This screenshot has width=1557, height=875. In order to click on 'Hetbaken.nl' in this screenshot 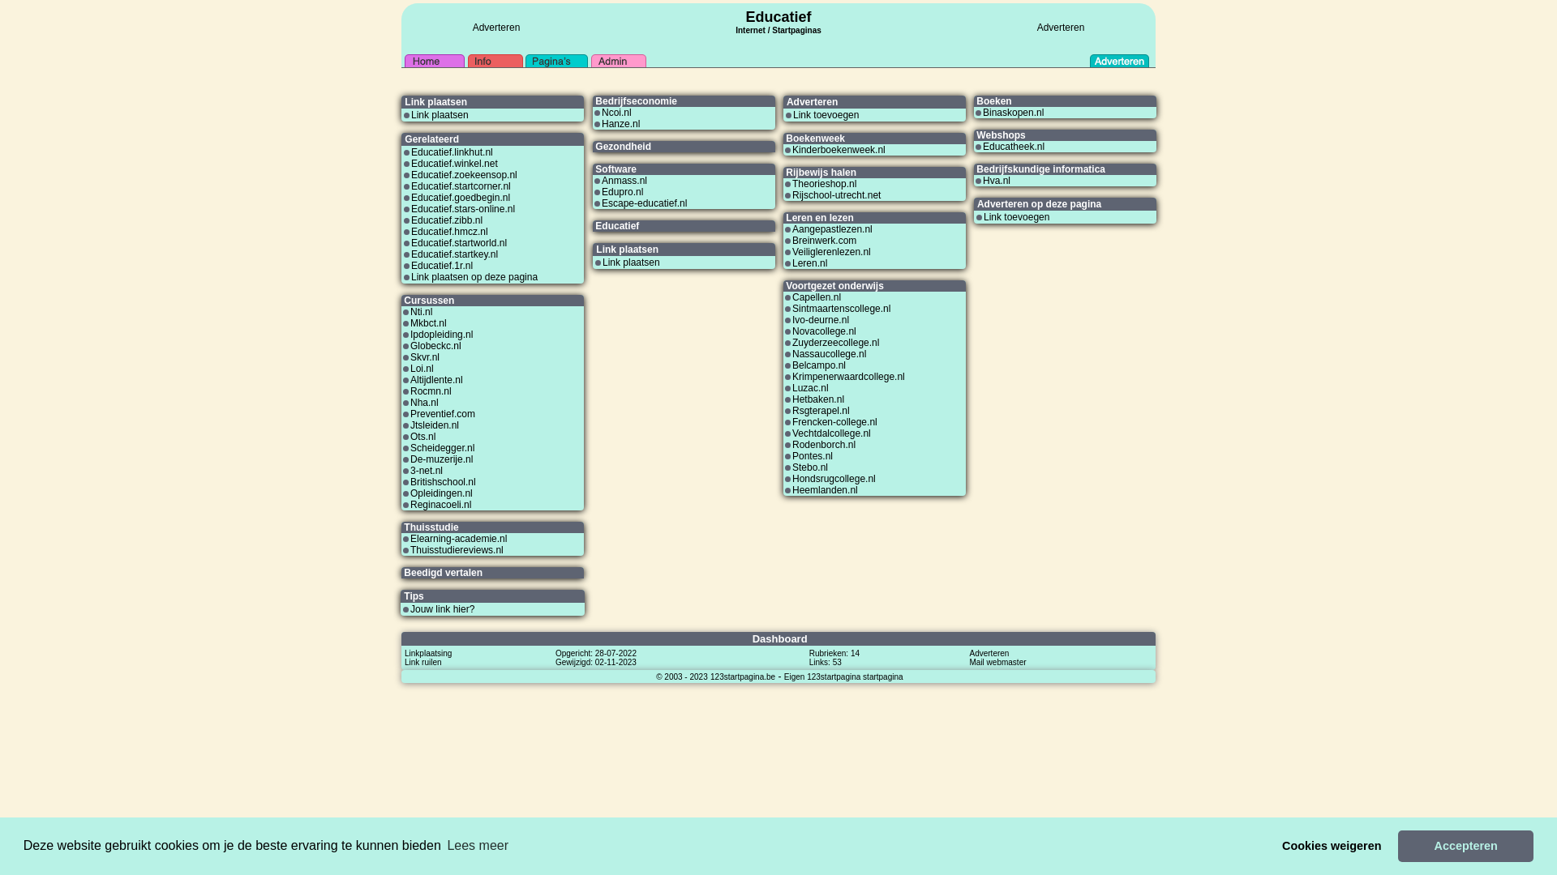, I will do `click(817, 399)`.